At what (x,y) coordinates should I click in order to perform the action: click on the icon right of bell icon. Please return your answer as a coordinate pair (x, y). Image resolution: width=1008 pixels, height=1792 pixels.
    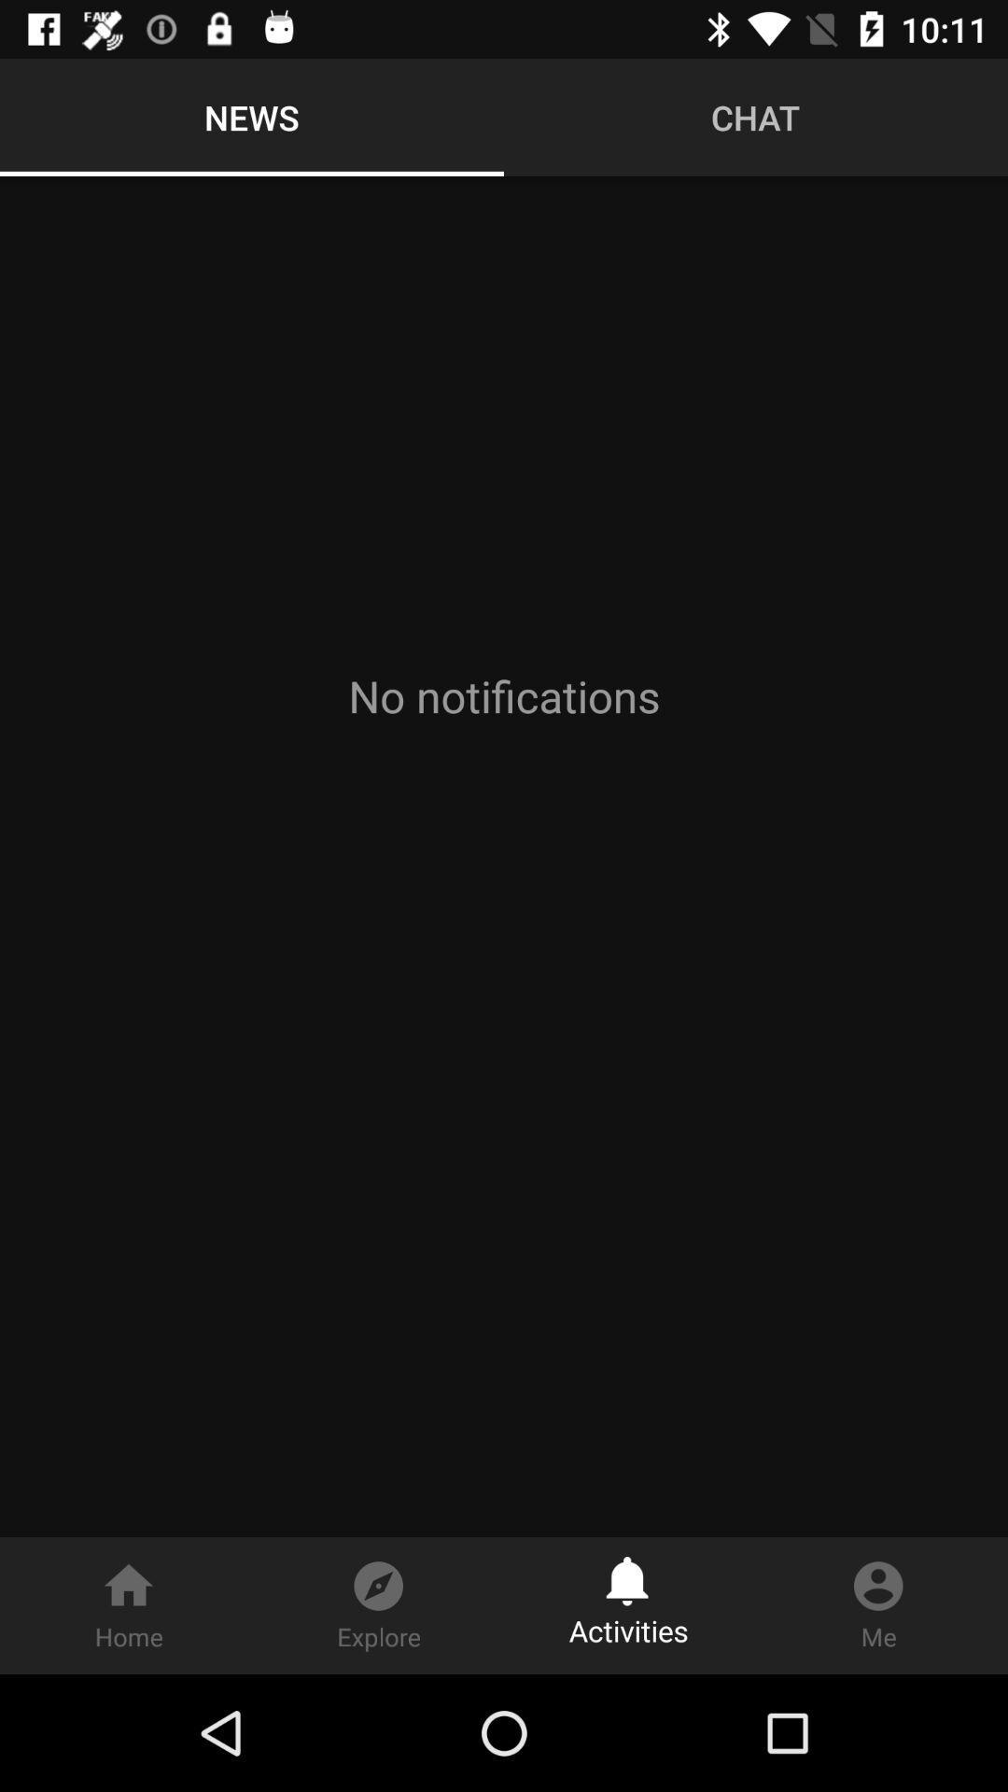
    Looking at the image, I should click on (878, 1575).